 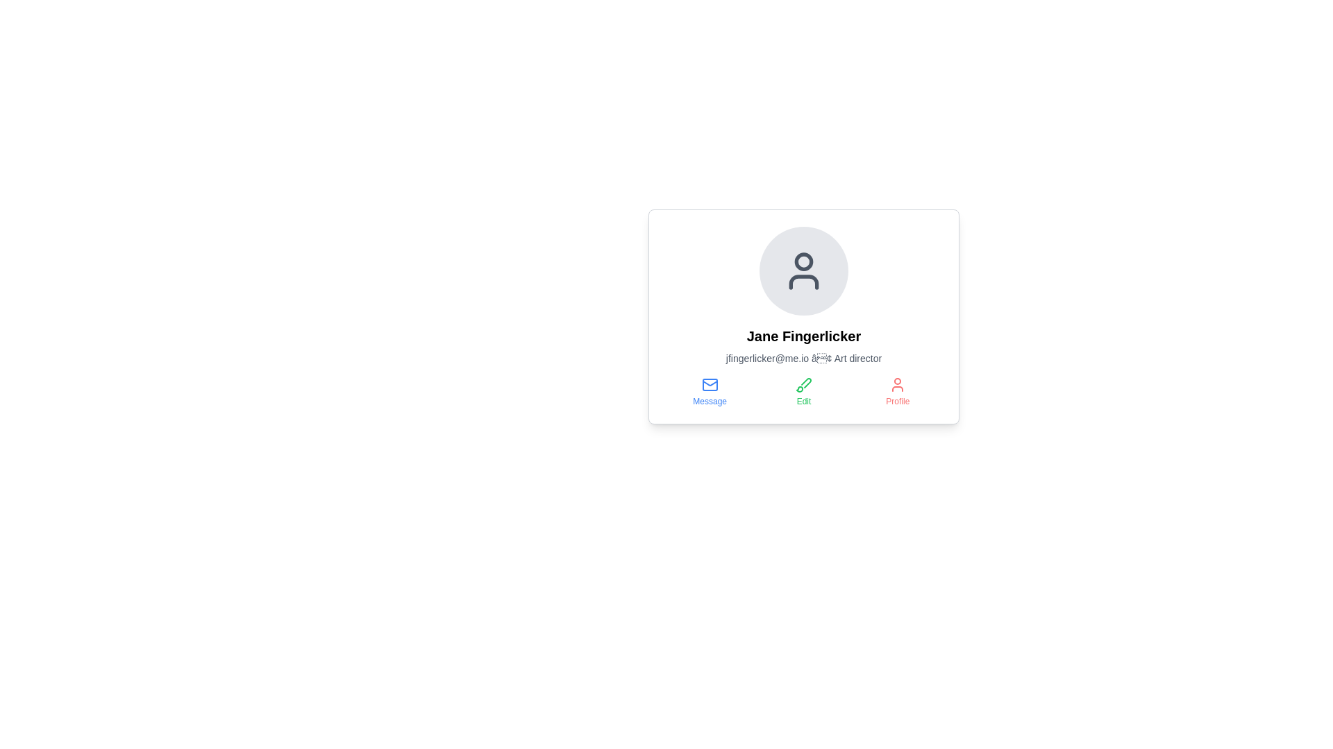 What do you see at coordinates (898, 391) in the screenshot?
I see `the 'Profile' button located on the far-right of the navigation options` at bounding box center [898, 391].